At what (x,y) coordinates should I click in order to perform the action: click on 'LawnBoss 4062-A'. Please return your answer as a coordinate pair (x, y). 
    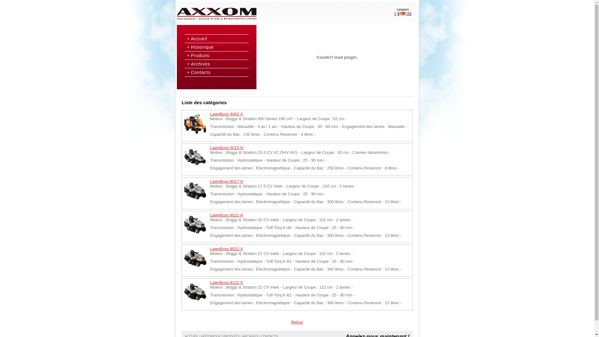
    Looking at the image, I should click on (226, 114).